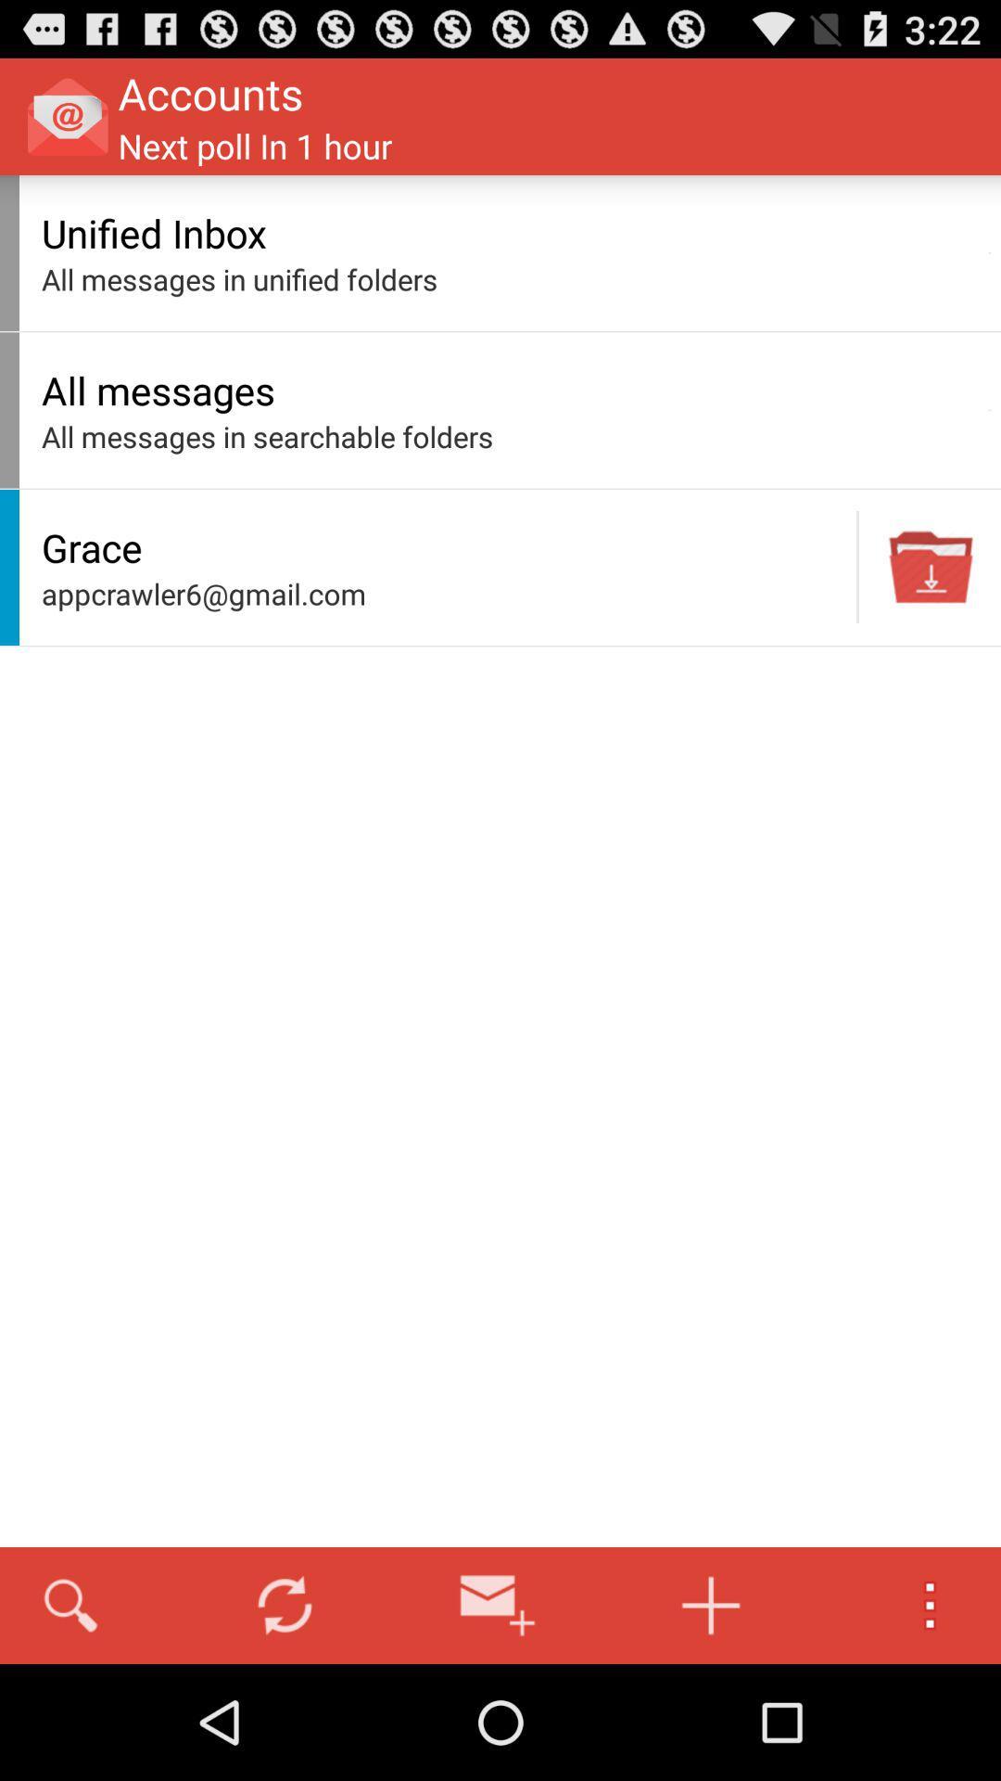 The height and width of the screenshot is (1781, 1001). What do you see at coordinates (989, 409) in the screenshot?
I see `the icon next to all messages app` at bounding box center [989, 409].